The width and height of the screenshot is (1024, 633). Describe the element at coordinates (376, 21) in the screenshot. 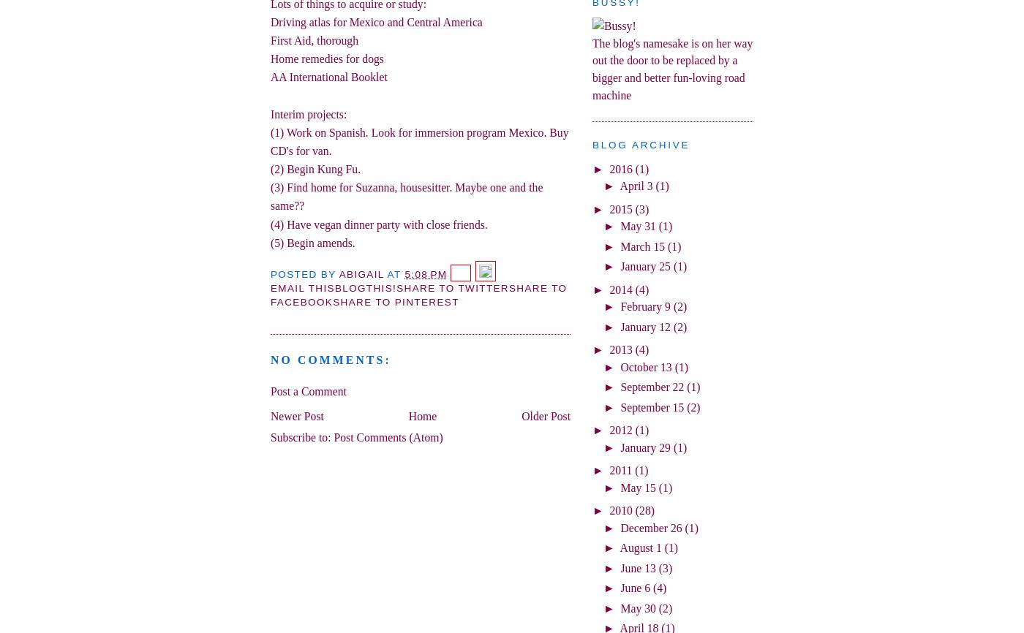

I see `'Driving atlas for Mexico and Central America'` at that location.